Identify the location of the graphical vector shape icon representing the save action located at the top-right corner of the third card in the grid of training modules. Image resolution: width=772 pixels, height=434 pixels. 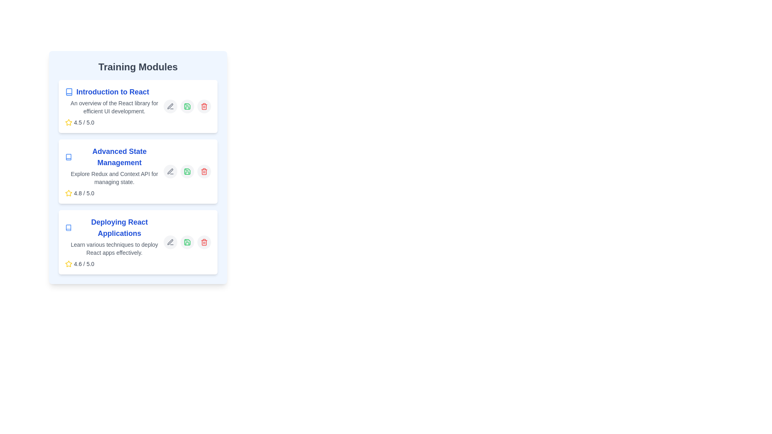
(187, 242).